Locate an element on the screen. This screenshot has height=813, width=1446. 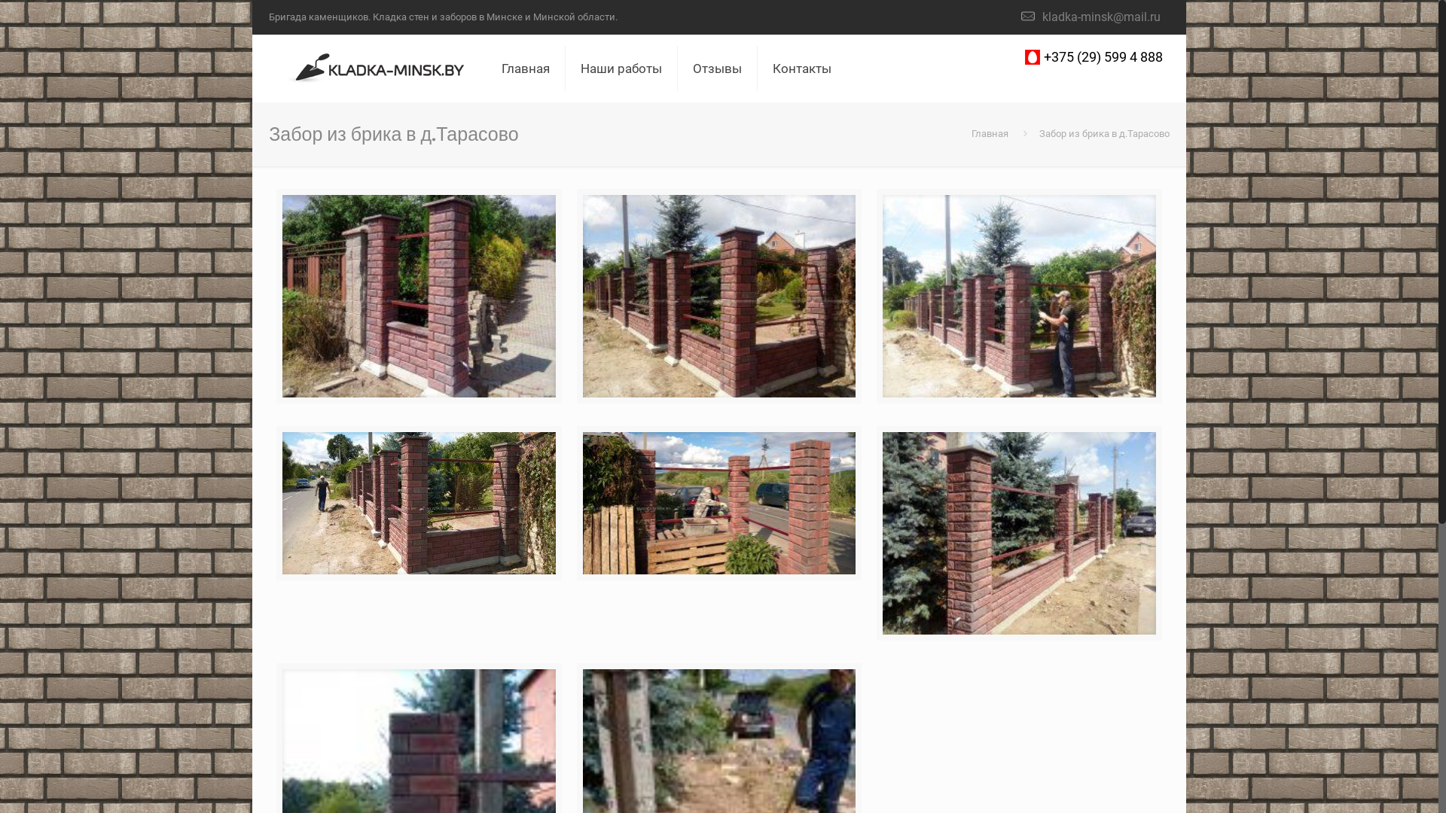
'kladka-minsk@mail.ru' is located at coordinates (1041, 17).